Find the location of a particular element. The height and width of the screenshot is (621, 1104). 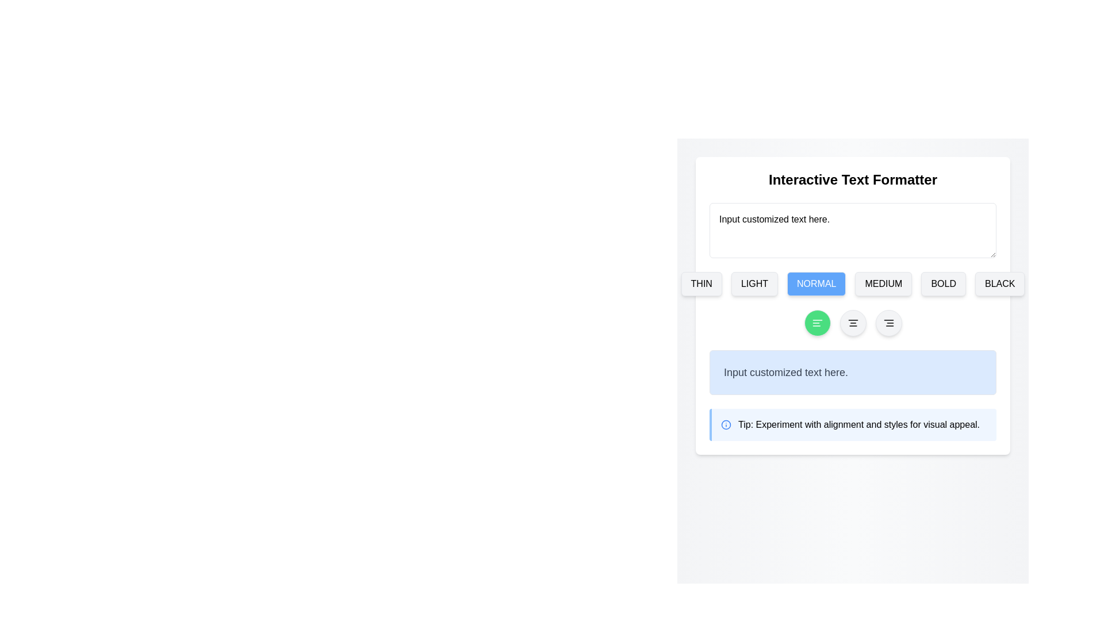

the middle button in the group of three circular buttons for setting text alignment to apply the action is located at coordinates (853, 323).